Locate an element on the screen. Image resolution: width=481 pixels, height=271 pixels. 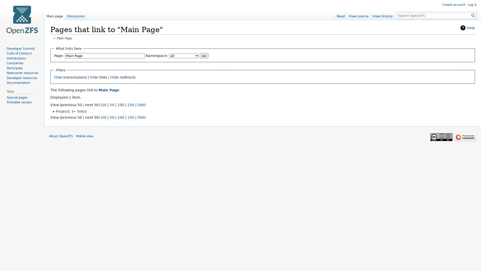
Go is located at coordinates (204, 55).